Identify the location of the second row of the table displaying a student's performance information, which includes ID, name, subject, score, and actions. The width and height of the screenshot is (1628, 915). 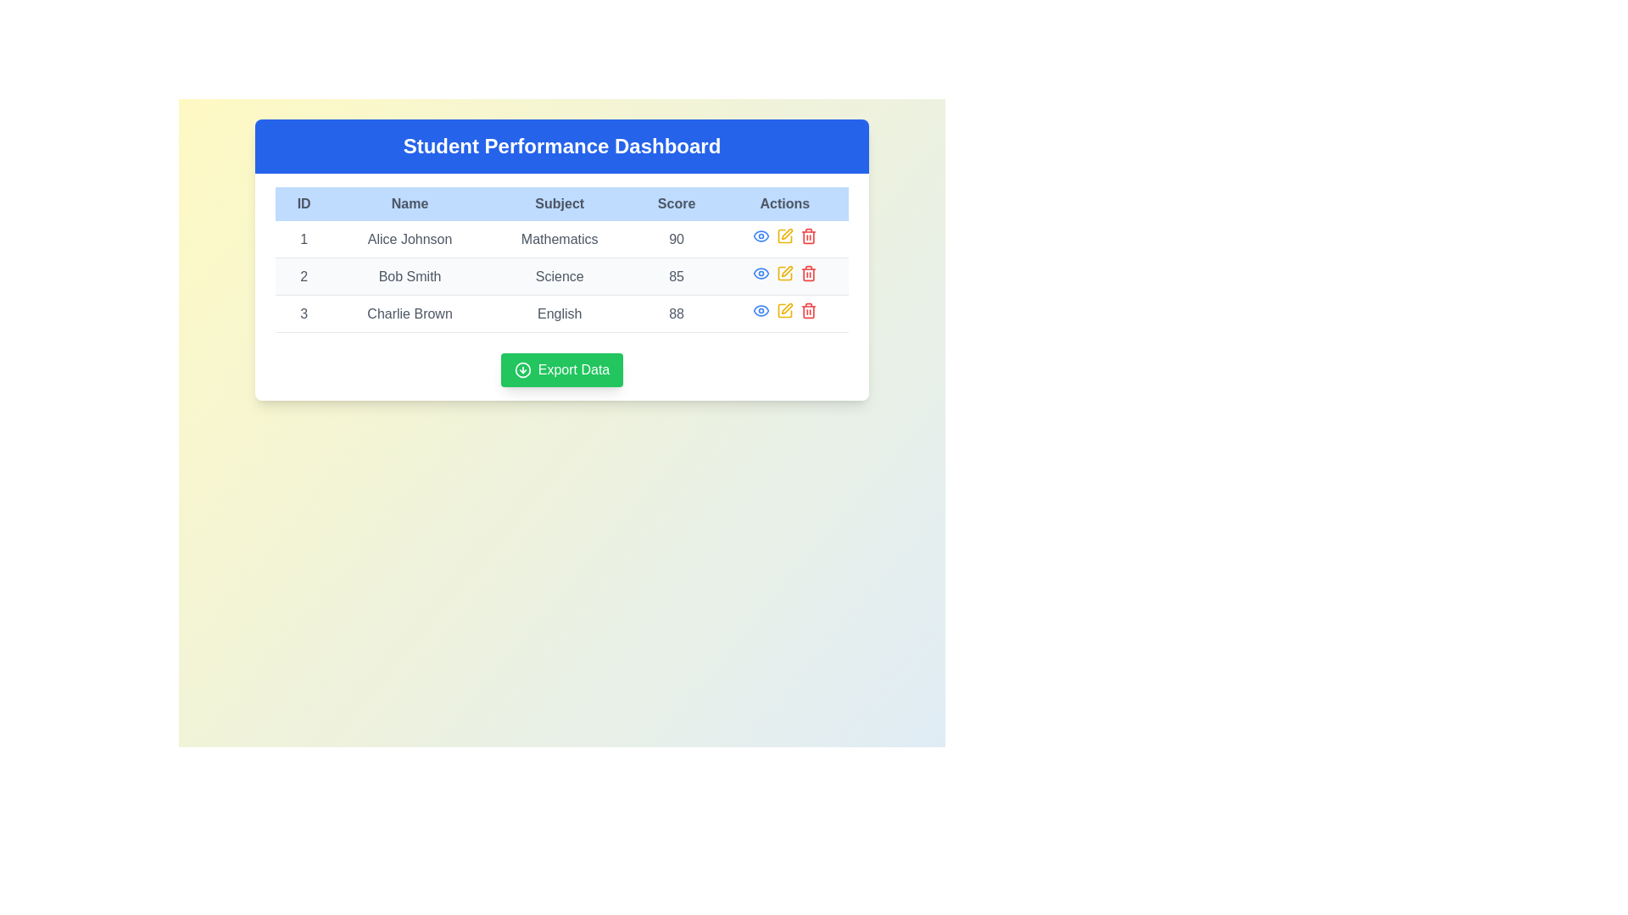
(561, 286).